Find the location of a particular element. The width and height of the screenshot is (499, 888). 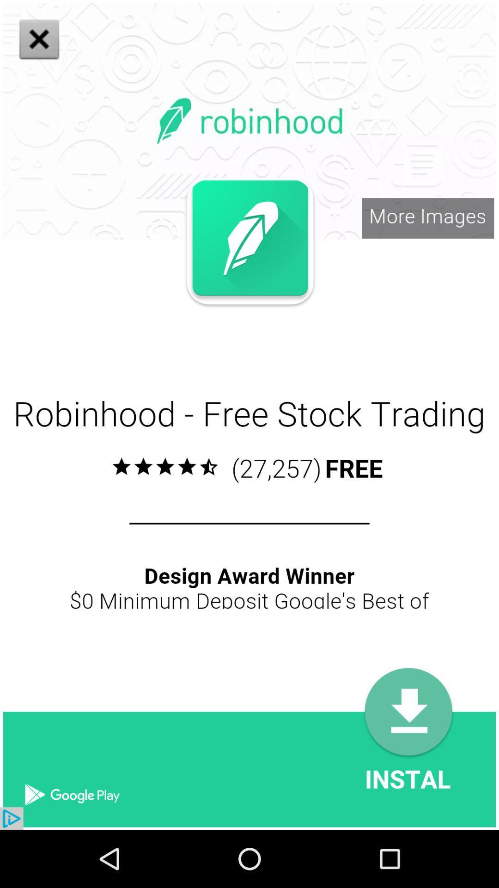

choose the selection is located at coordinates (194, 322).